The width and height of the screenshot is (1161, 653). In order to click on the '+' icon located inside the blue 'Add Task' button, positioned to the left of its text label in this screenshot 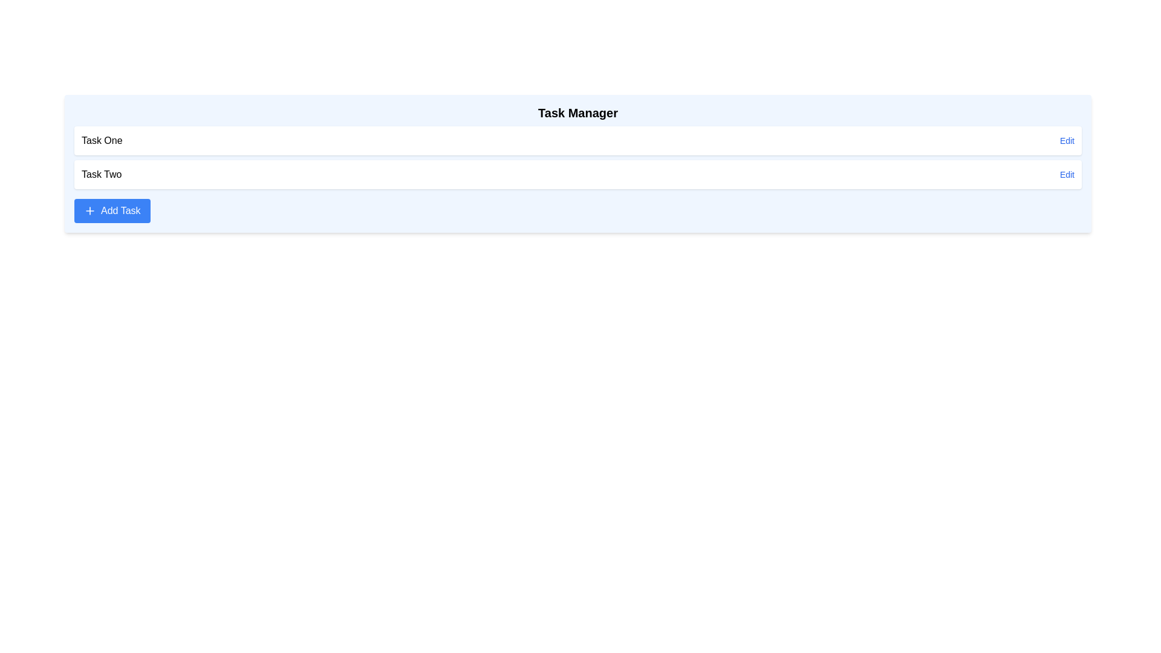, I will do `click(89, 210)`.